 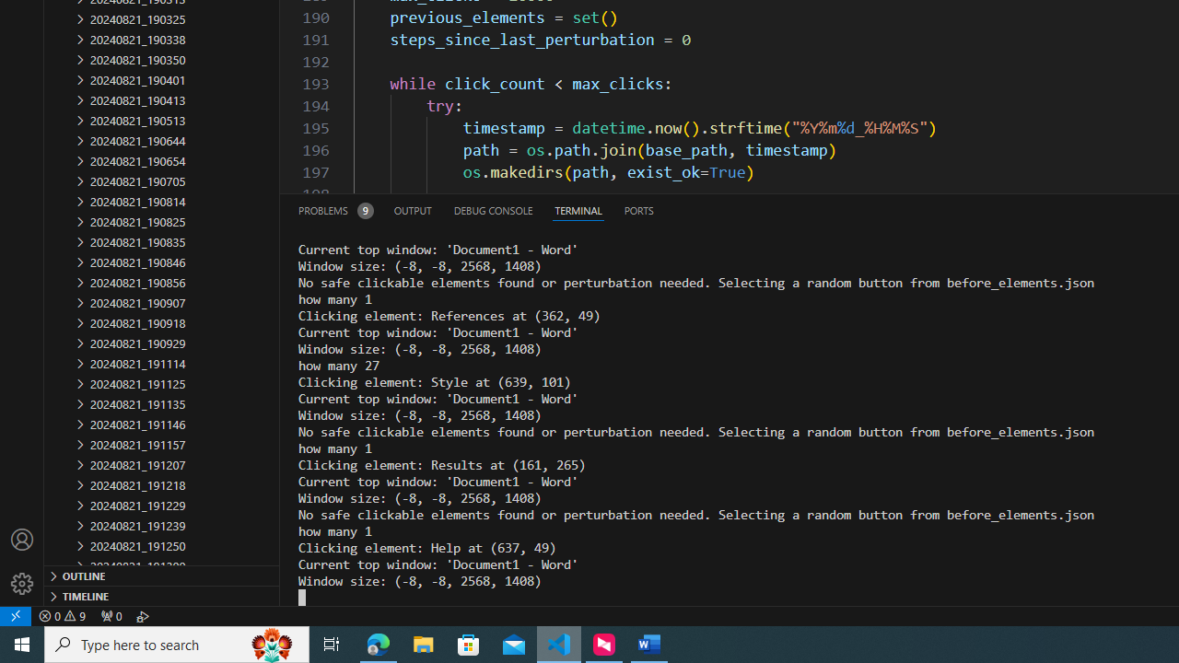 What do you see at coordinates (16, 615) in the screenshot?
I see `'remote'` at bounding box center [16, 615].